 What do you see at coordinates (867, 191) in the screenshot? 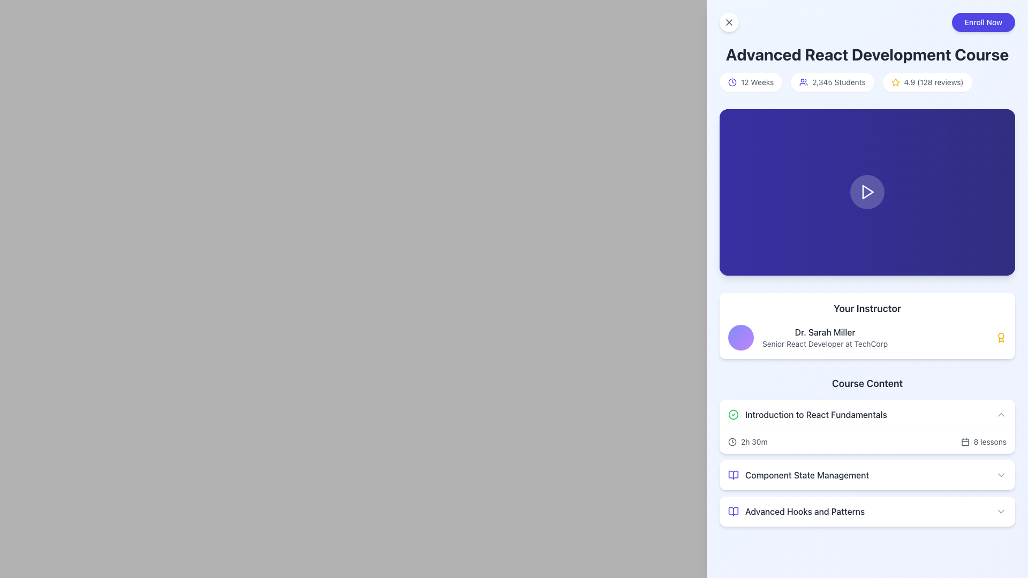
I see `the play button located centrally within the course video preview section` at bounding box center [867, 191].